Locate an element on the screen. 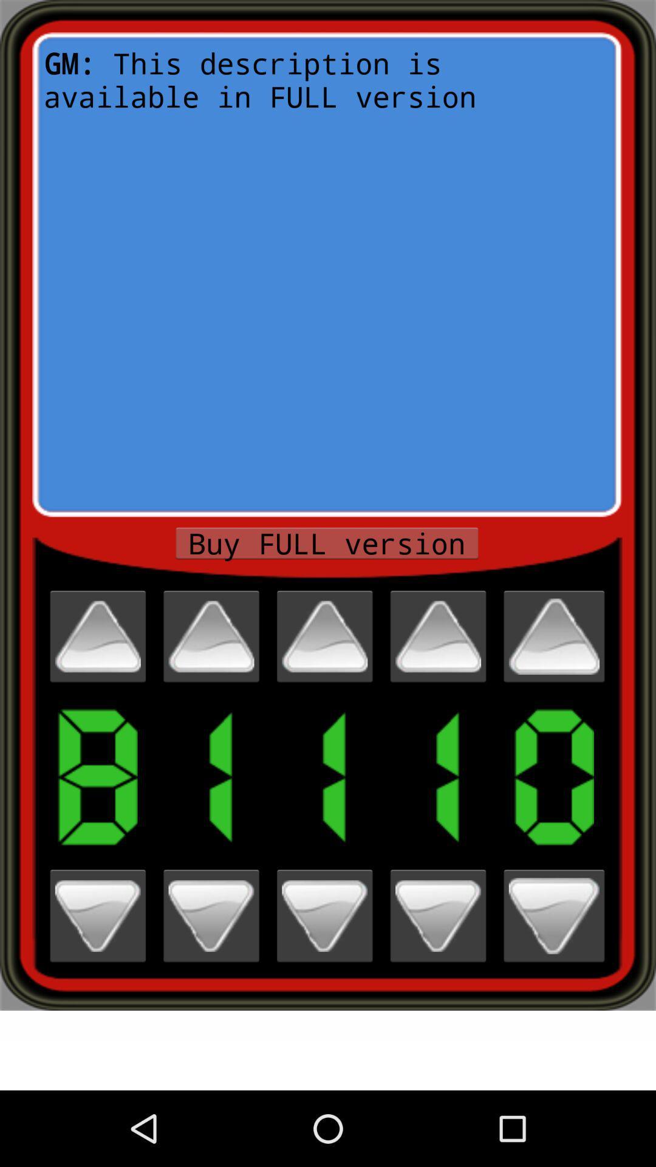 This screenshot has height=1167, width=656. decrease third value from the left is located at coordinates (324, 916).